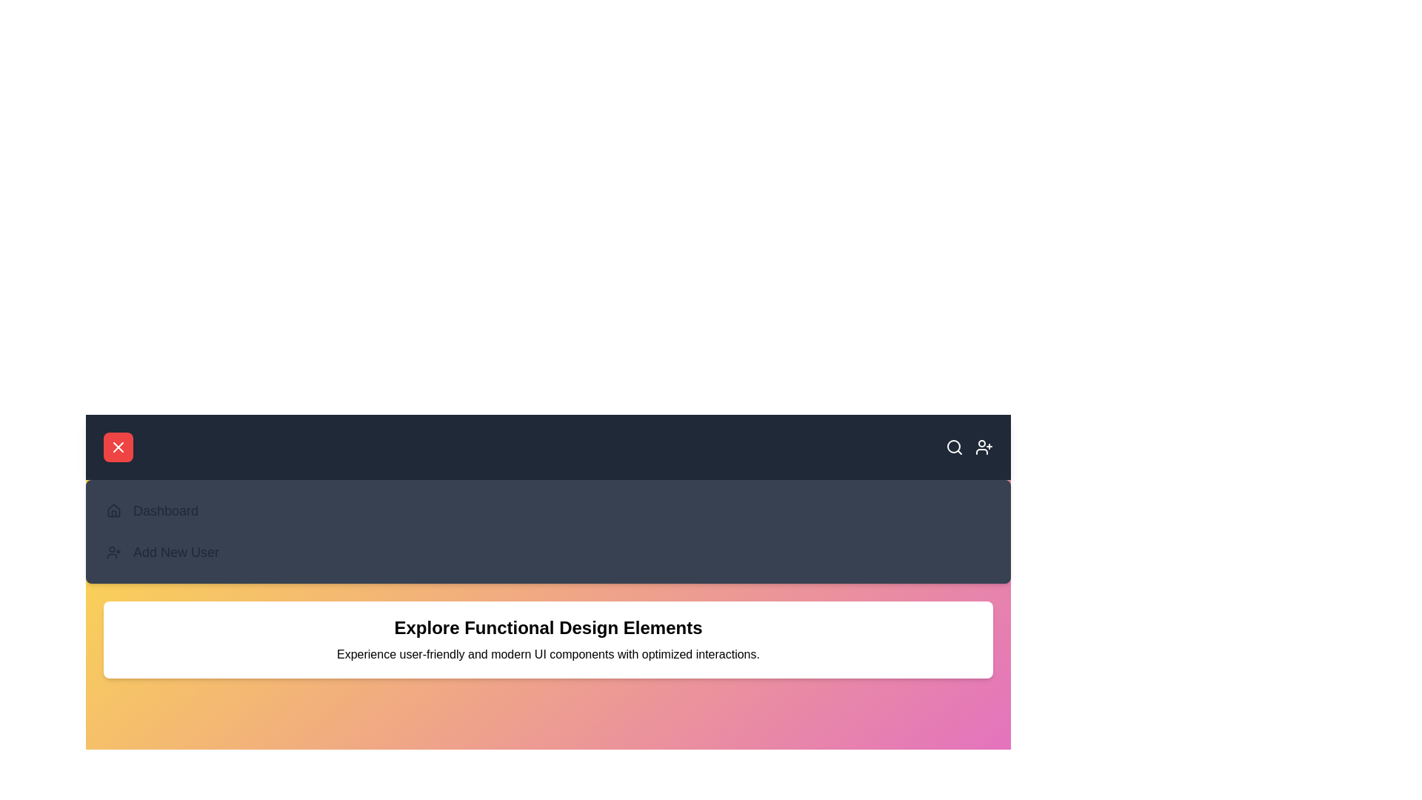 The height and width of the screenshot is (800, 1422). I want to click on the 'add user' icon to initiate the add user functionality, so click(984, 447).